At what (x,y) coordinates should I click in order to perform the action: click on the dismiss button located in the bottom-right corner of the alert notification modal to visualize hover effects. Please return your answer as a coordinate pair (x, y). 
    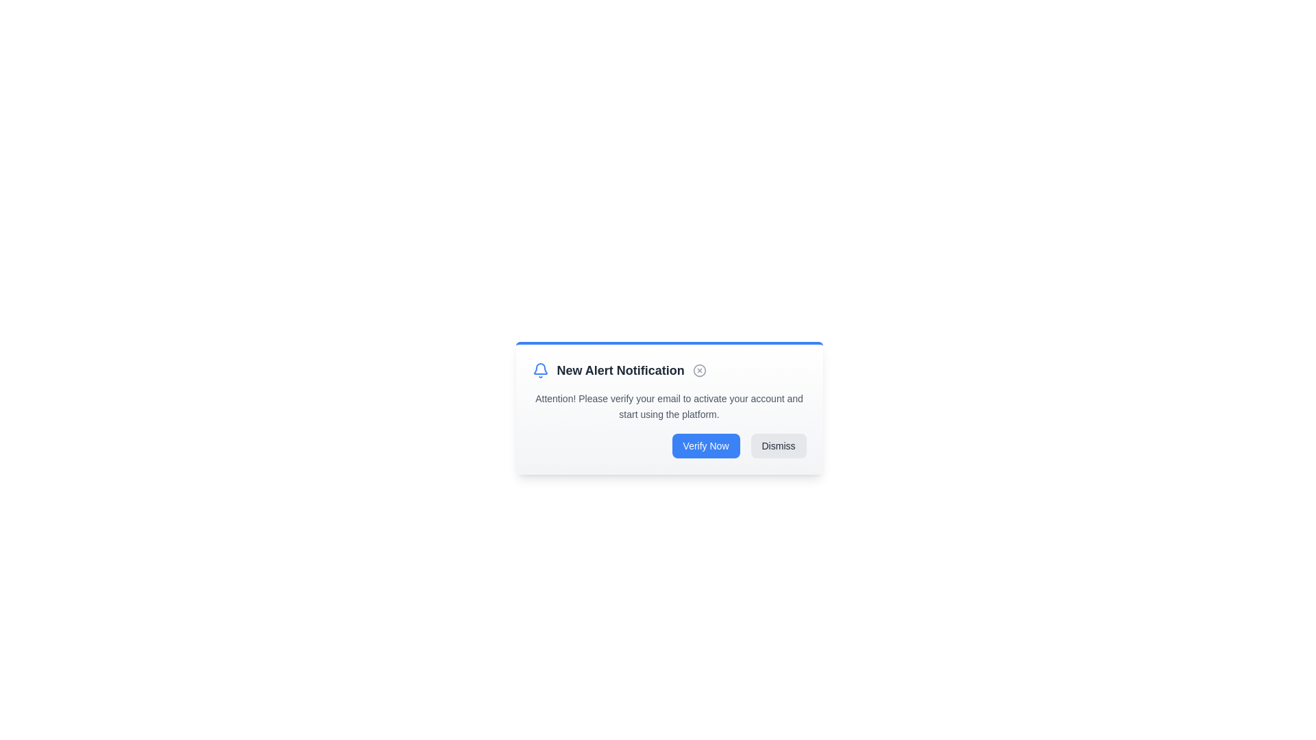
    Looking at the image, I should click on (779, 445).